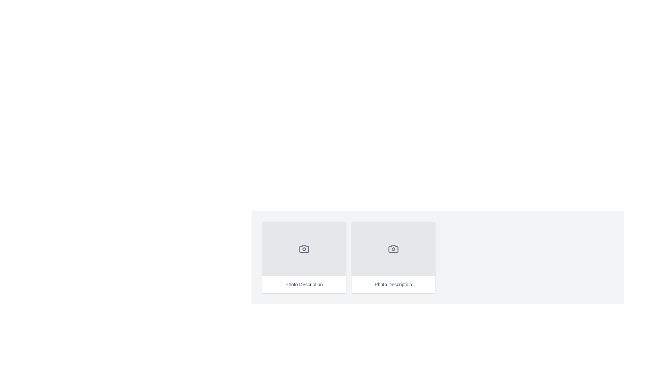 This screenshot has height=365, width=649. What do you see at coordinates (393, 249) in the screenshot?
I see `the camera-shaped icon with a gray color, located` at bounding box center [393, 249].